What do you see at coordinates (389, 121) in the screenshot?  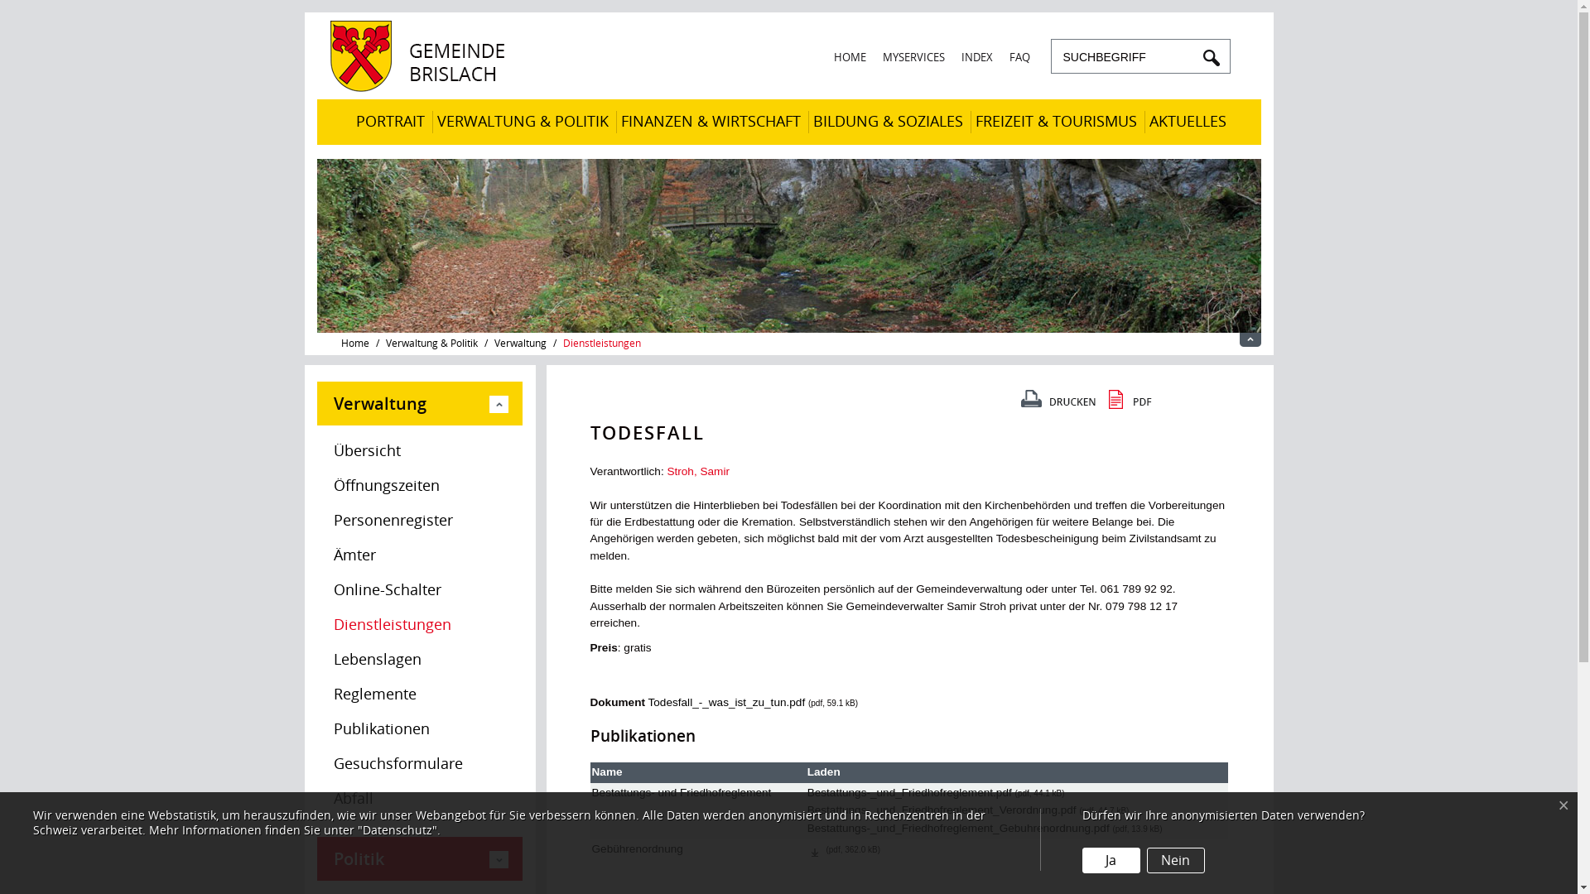 I see `'PORTRAIT'` at bounding box center [389, 121].